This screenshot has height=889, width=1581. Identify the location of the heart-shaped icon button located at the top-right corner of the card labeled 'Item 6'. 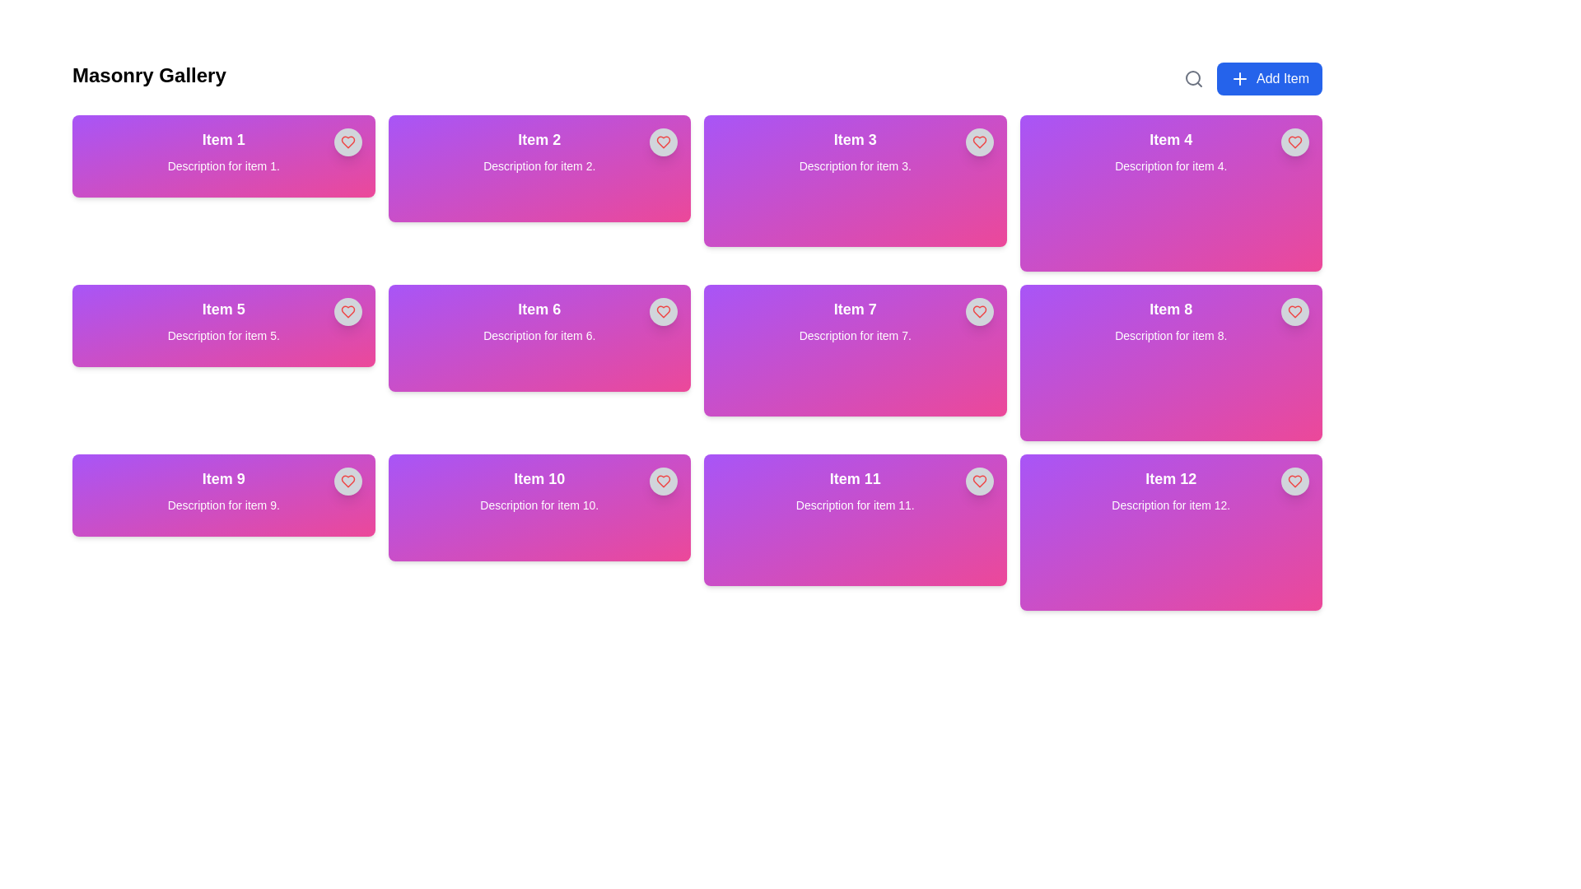
(664, 311).